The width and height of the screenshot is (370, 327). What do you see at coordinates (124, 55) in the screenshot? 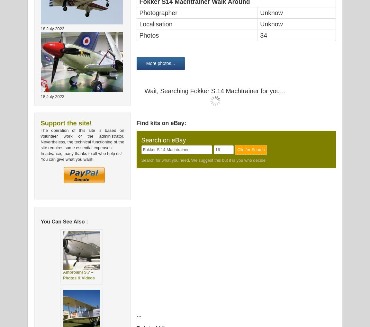
I see `'Supermarine Seafire – Photos & Video'` at bounding box center [124, 55].